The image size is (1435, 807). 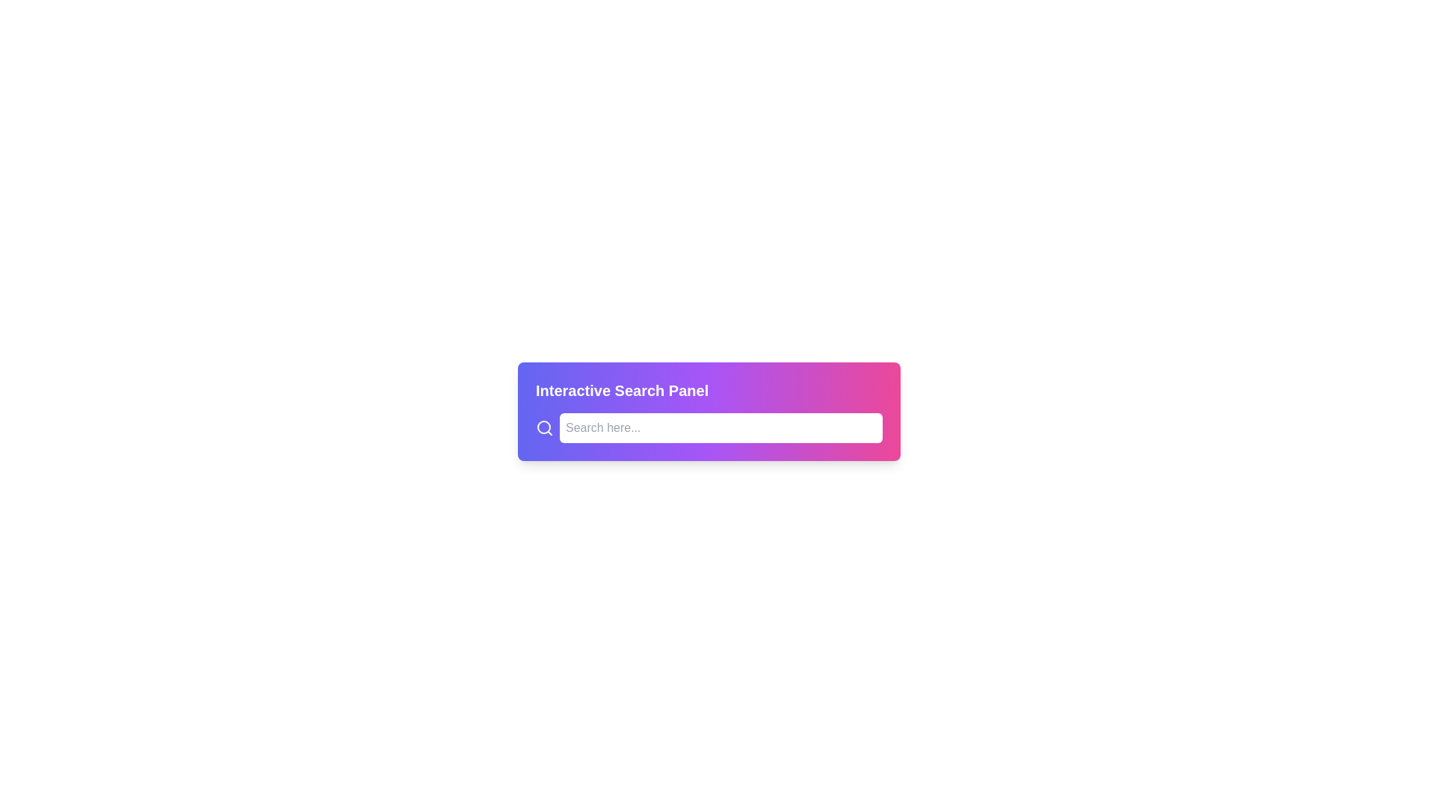 I want to click on the magnifying glass icon, which is represented by the SVG circle, so click(x=543, y=427).